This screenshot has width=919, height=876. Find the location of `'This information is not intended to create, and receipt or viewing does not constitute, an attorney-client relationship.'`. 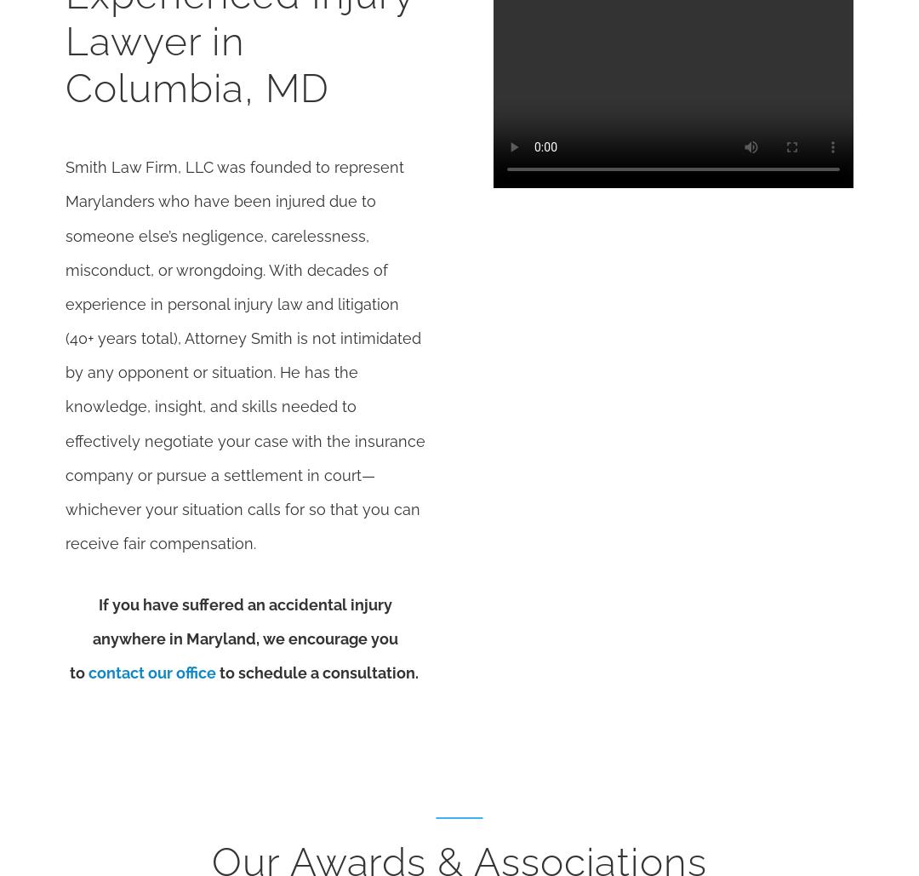

'This information is not intended to create, and receipt or viewing does not constitute, an attorney-client relationship.' is located at coordinates (65, 719).